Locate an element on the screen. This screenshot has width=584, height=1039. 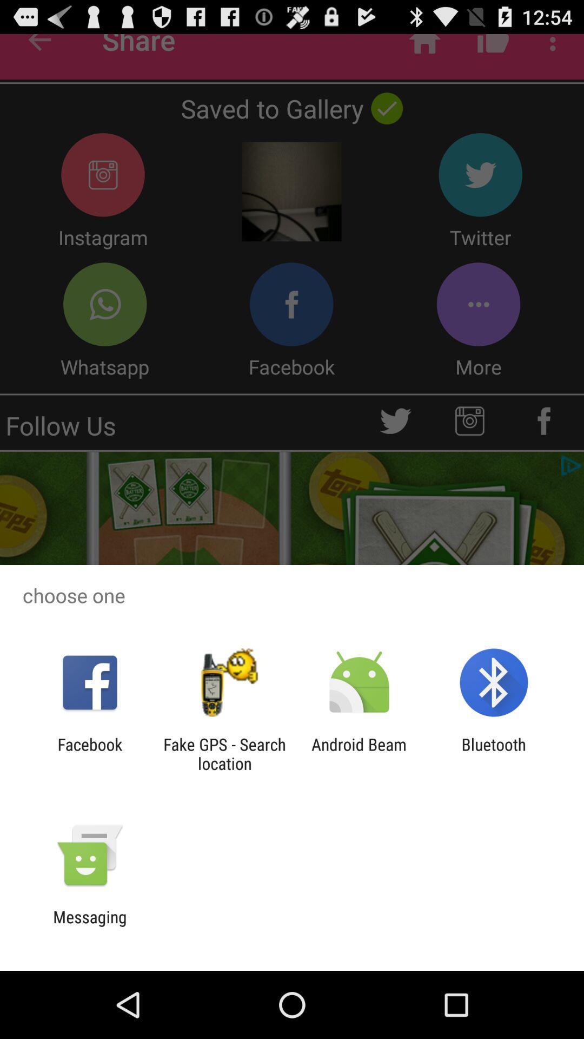
bluetooth item is located at coordinates (494, 753).